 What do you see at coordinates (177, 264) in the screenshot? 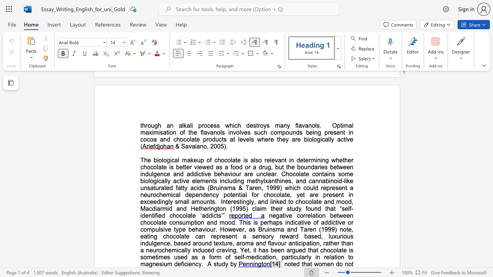
I see `the subset text "eficien" within the text "and flavour anticipation, rather than a neurochemically induced craving. Yet, it has been argued that chocolate is sometimes used as a form of self-medication, particularly in relation to magnesium deficiency"` at bounding box center [177, 264].